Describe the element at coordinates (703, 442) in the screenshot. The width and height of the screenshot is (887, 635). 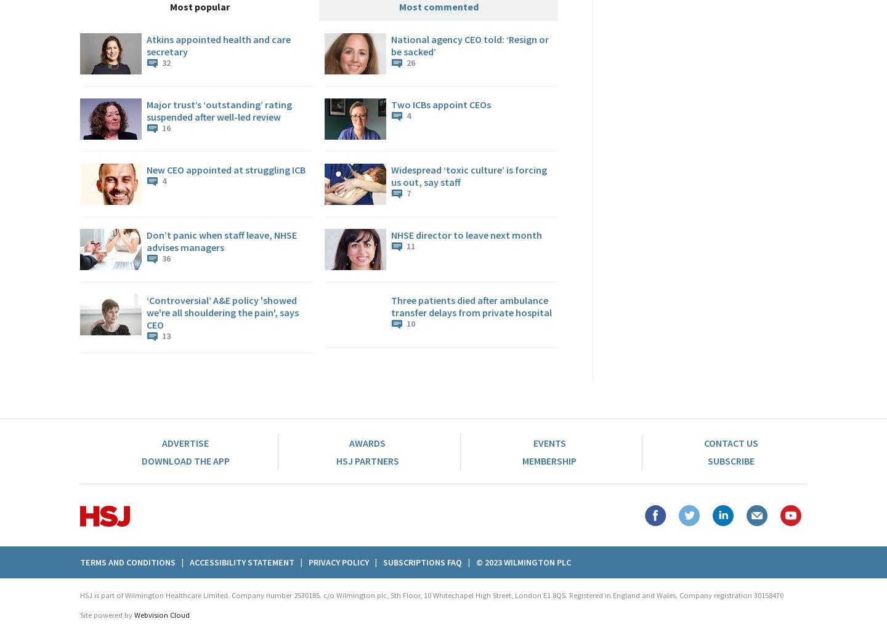
I see `'Contact Us'` at that location.